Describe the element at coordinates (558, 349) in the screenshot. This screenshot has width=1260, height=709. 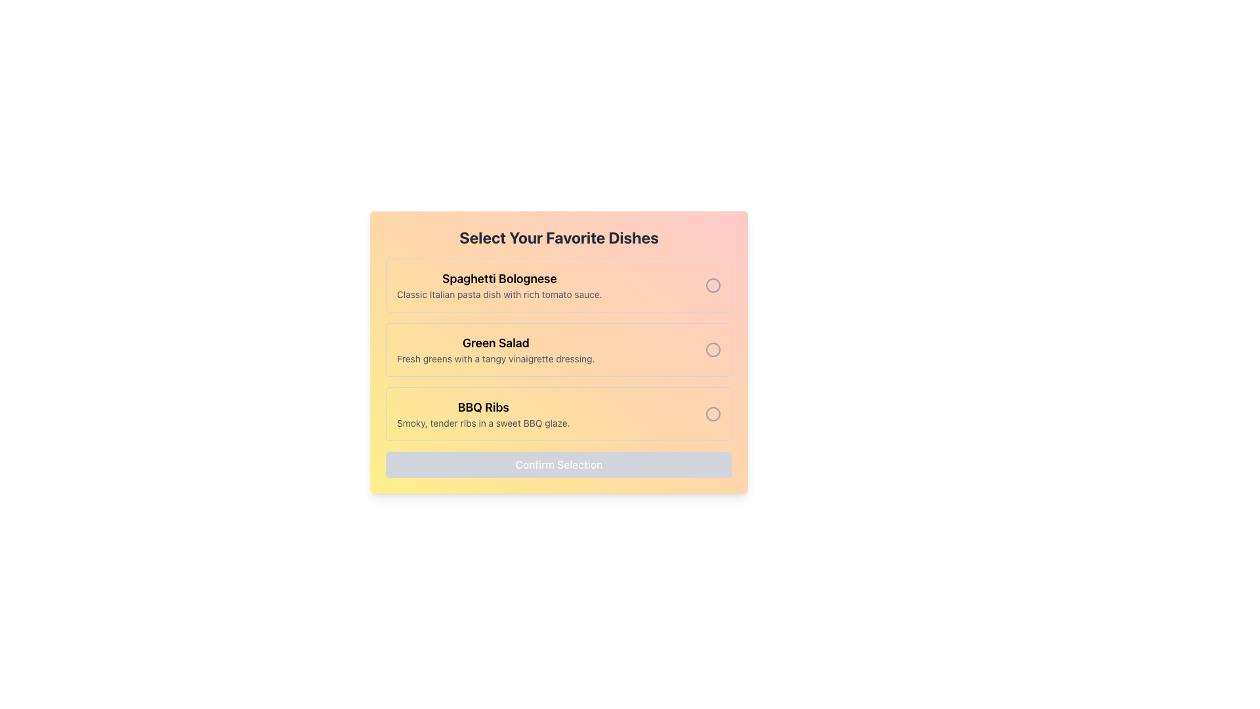
I see `the 'Green Salad' selectable menu option, which is the second item in the list with an associated radio button` at that location.